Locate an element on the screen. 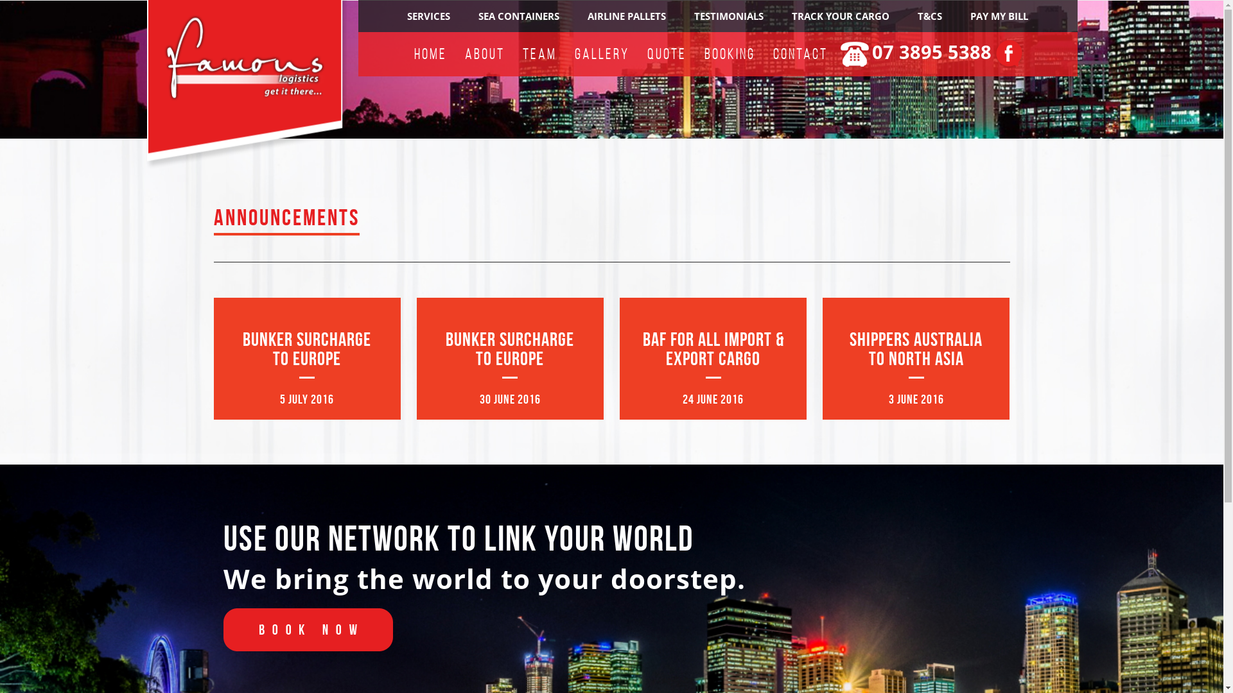 This screenshot has width=1233, height=693. 'PAY MY BILL' is located at coordinates (998, 15).